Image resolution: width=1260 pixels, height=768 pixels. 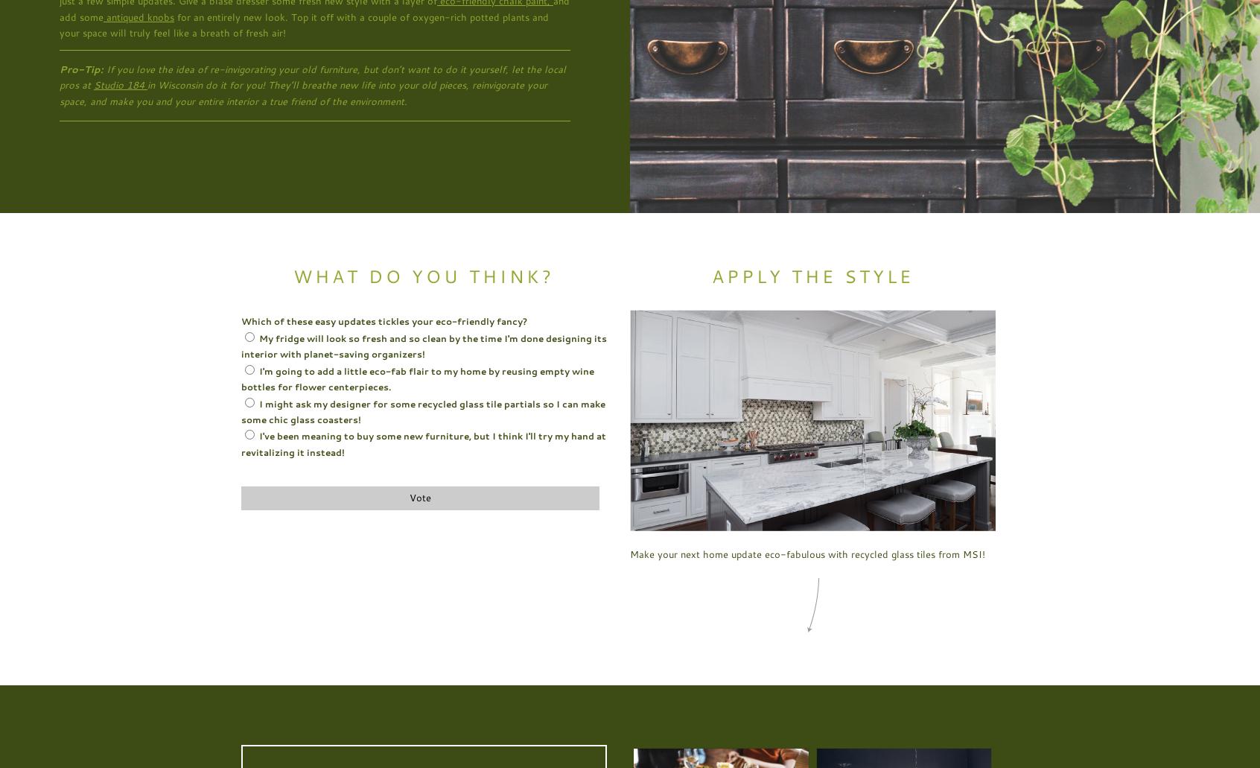 What do you see at coordinates (423, 275) in the screenshot?
I see `'What Do You Think?'` at bounding box center [423, 275].